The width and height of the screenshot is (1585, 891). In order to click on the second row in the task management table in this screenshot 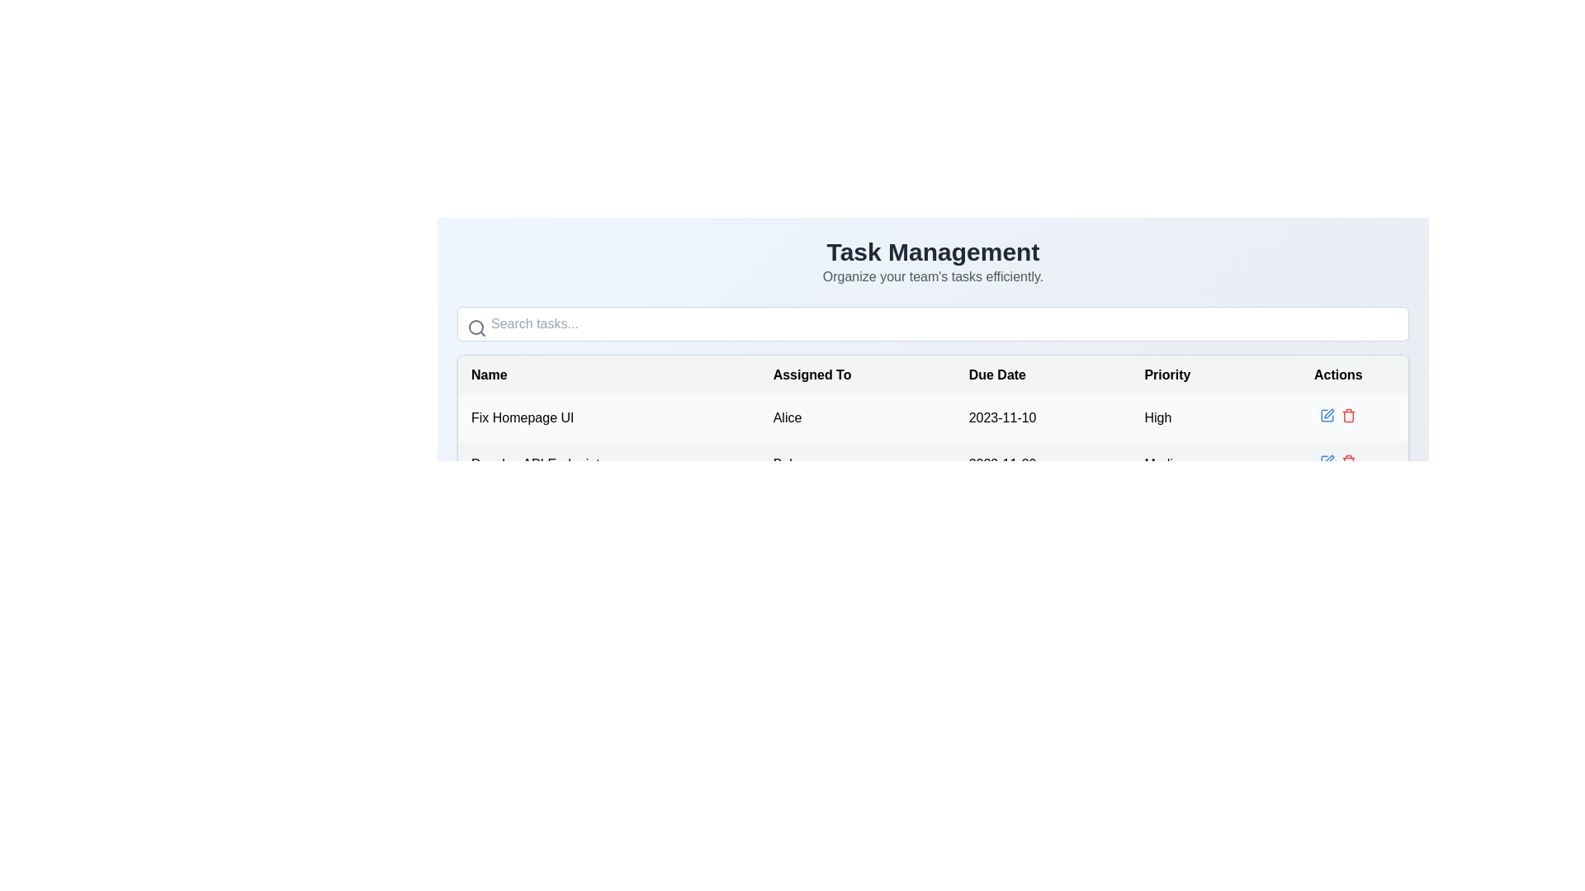, I will do `click(933, 464)`.